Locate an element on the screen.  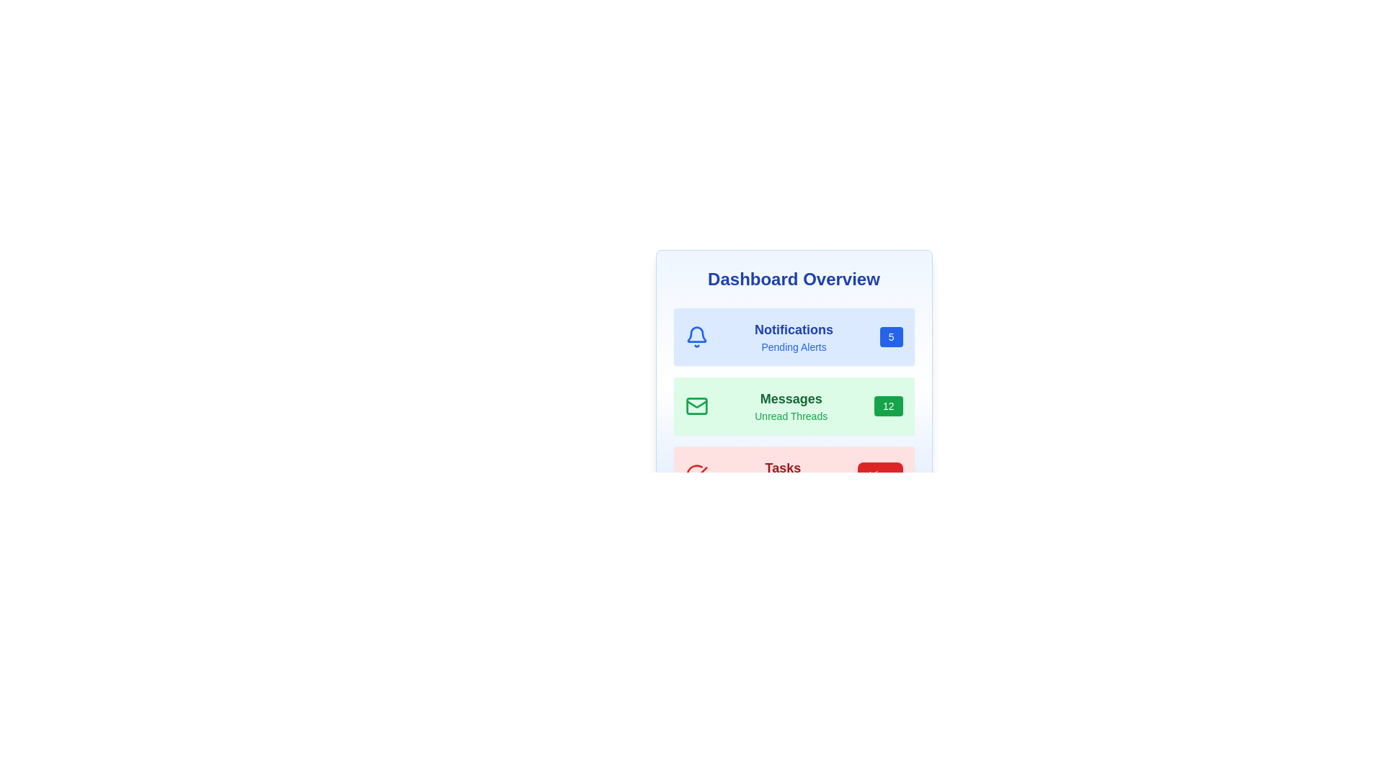
the text label that serves as a header for the 'Messages' section, located above the 'Unread Threads' text block in the 'Dashboard Overview' is located at coordinates (790, 399).